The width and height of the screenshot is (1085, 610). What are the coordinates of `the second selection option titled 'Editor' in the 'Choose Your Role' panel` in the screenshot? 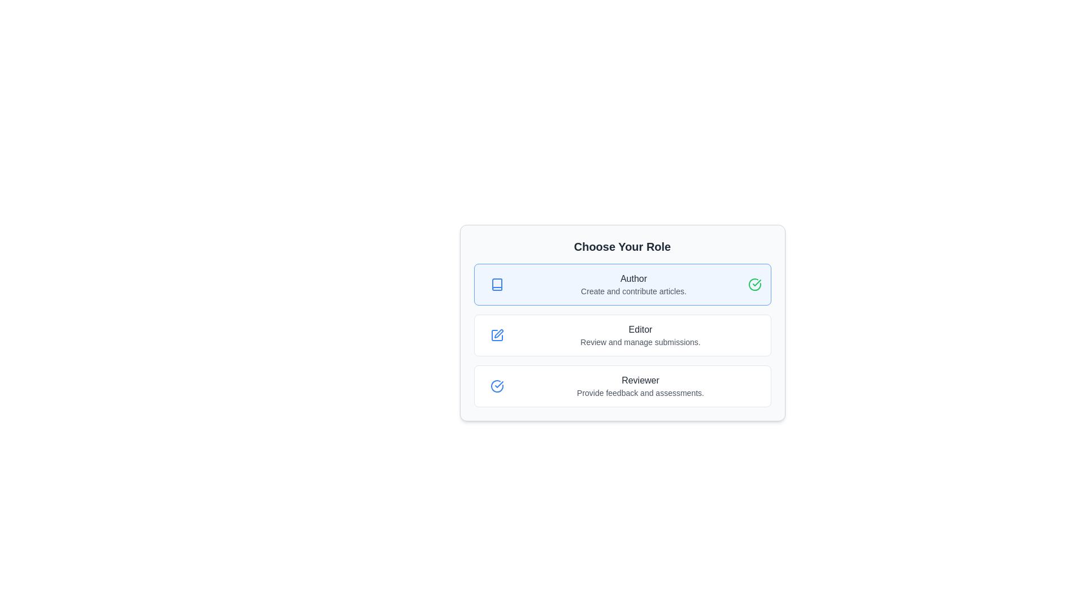 It's located at (622, 323).